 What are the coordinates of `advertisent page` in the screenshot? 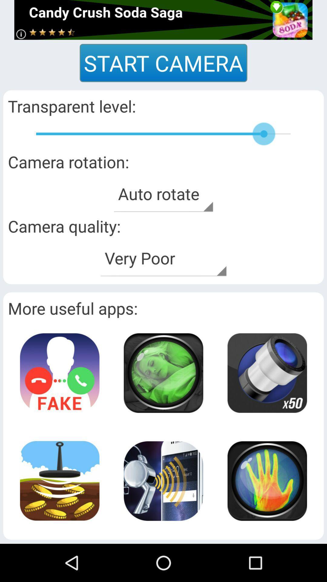 It's located at (163, 20).